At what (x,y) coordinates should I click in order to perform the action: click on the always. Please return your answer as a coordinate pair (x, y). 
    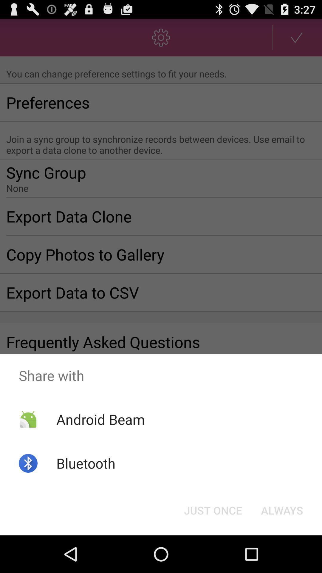
    Looking at the image, I should click on (282, 510).